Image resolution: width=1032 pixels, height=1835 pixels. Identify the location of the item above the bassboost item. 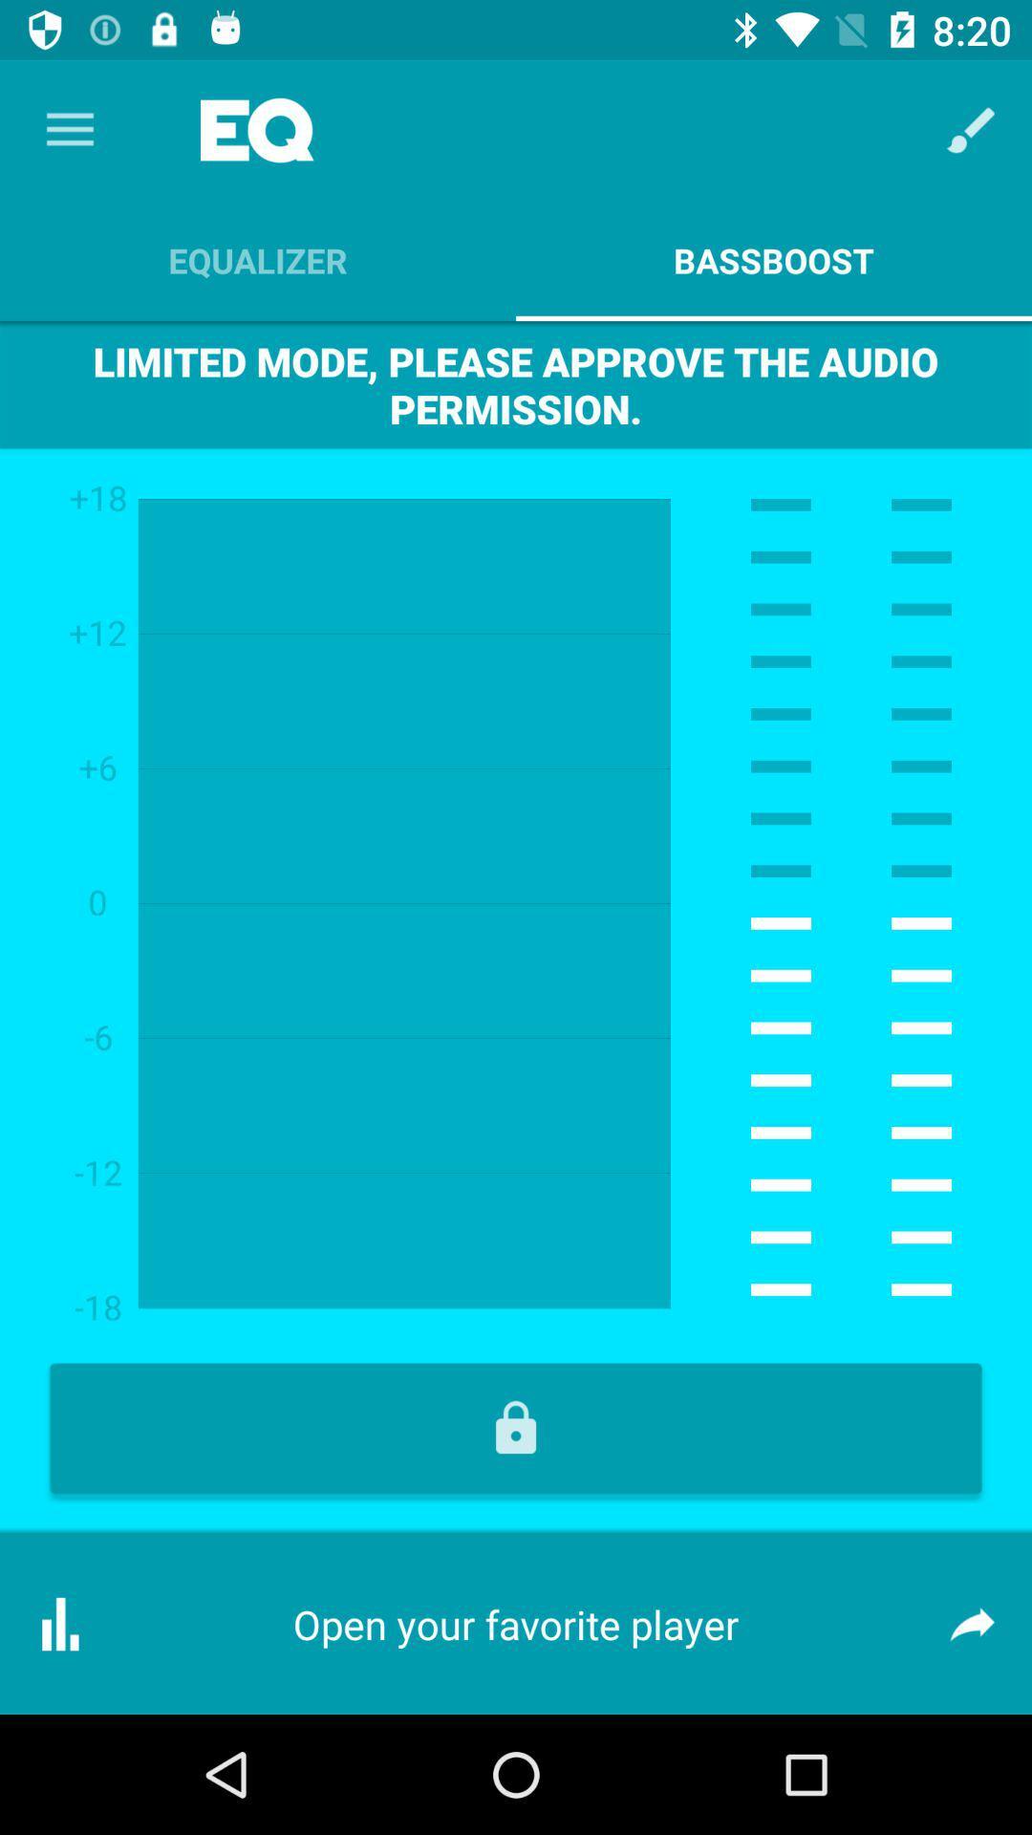
(972, 129).